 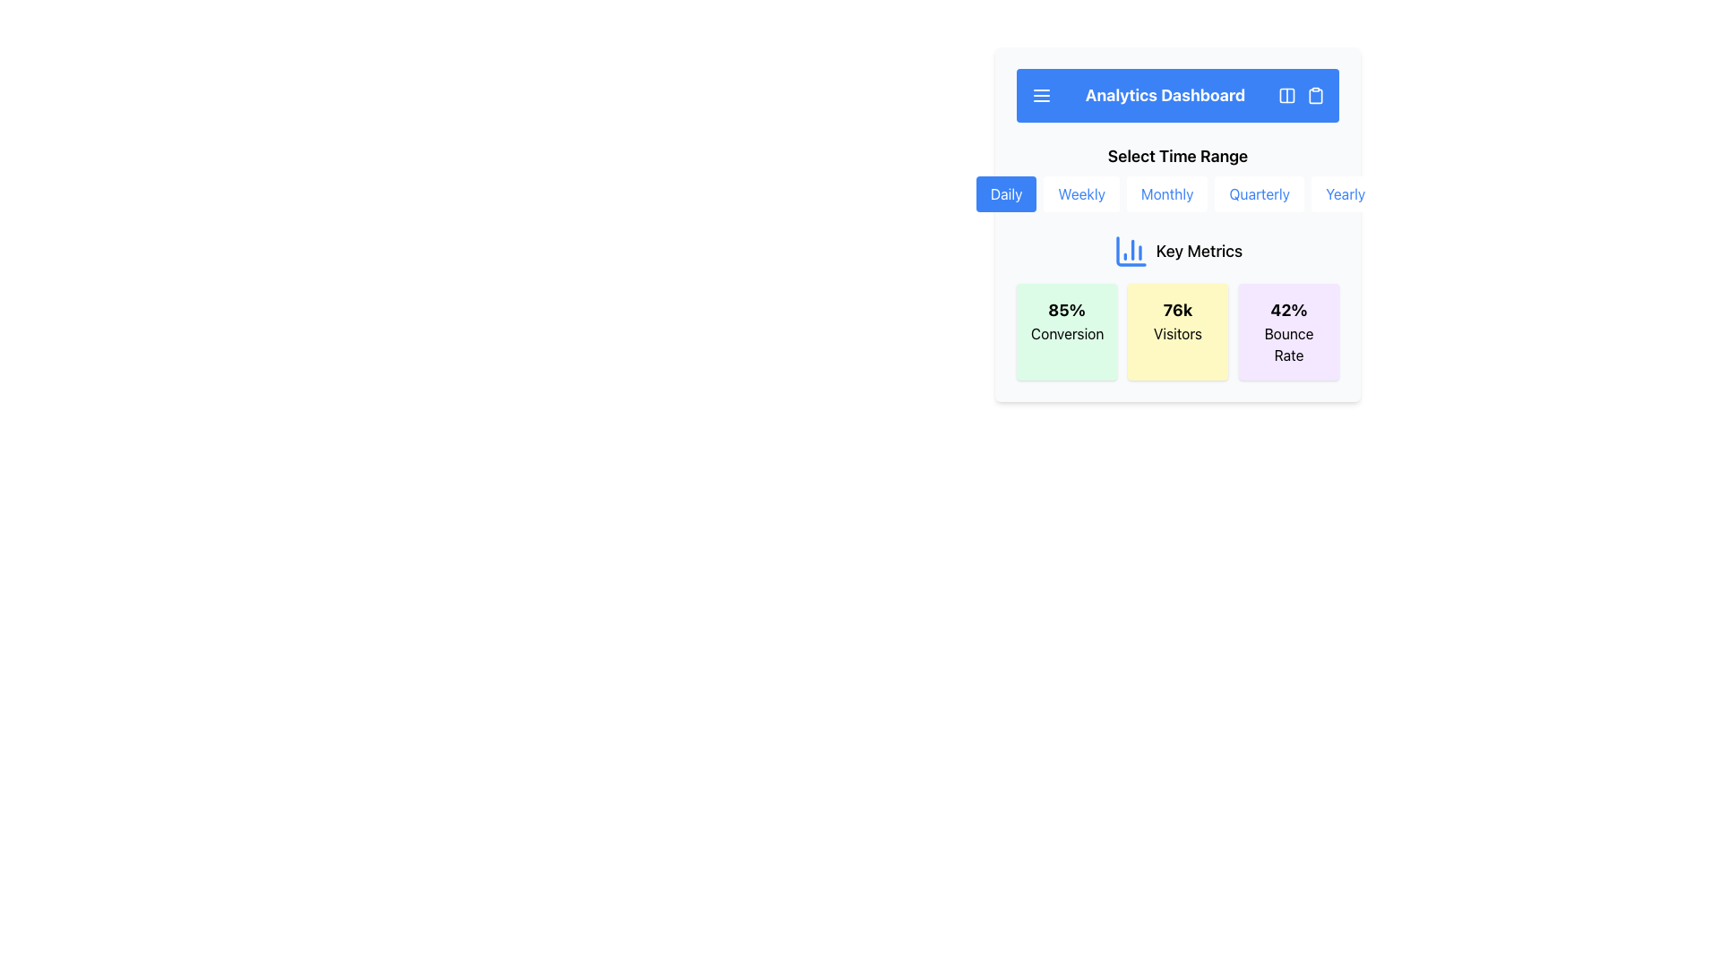 I want to click on the clipboard icon, which is styled with a minimal outline design and is positioned to the right of the 'Analytics Dashboard' text in the header section, so click(x=1315, y=96).